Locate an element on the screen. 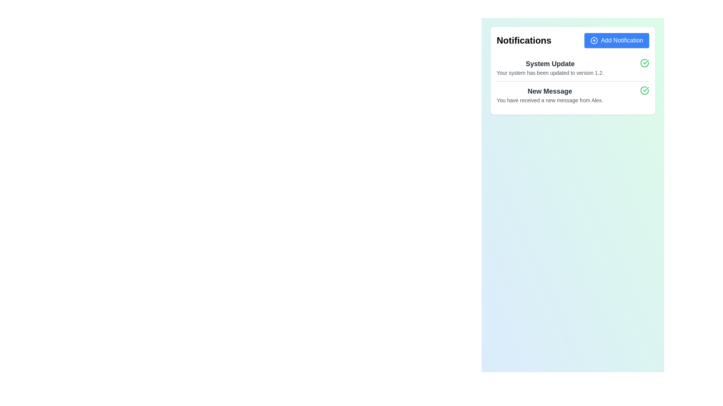 This screenshot has width=723, height=406. the 'New Message' text label, which is styled in a larger, bold font and dark gray color, serving as a header for the notification card is located at coordinates (550, 91).